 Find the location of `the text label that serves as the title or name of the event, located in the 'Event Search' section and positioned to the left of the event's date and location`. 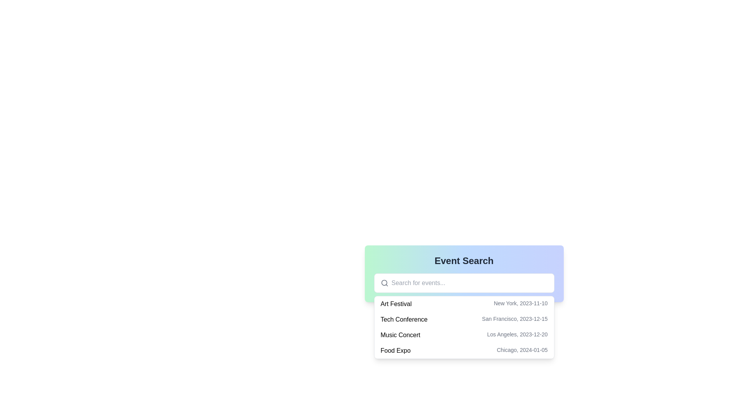

the text label that serves as the title or name of the event, located in the 'Event Search' section and positioned to the left of the event's date and location is located at coordinates (400, 334).